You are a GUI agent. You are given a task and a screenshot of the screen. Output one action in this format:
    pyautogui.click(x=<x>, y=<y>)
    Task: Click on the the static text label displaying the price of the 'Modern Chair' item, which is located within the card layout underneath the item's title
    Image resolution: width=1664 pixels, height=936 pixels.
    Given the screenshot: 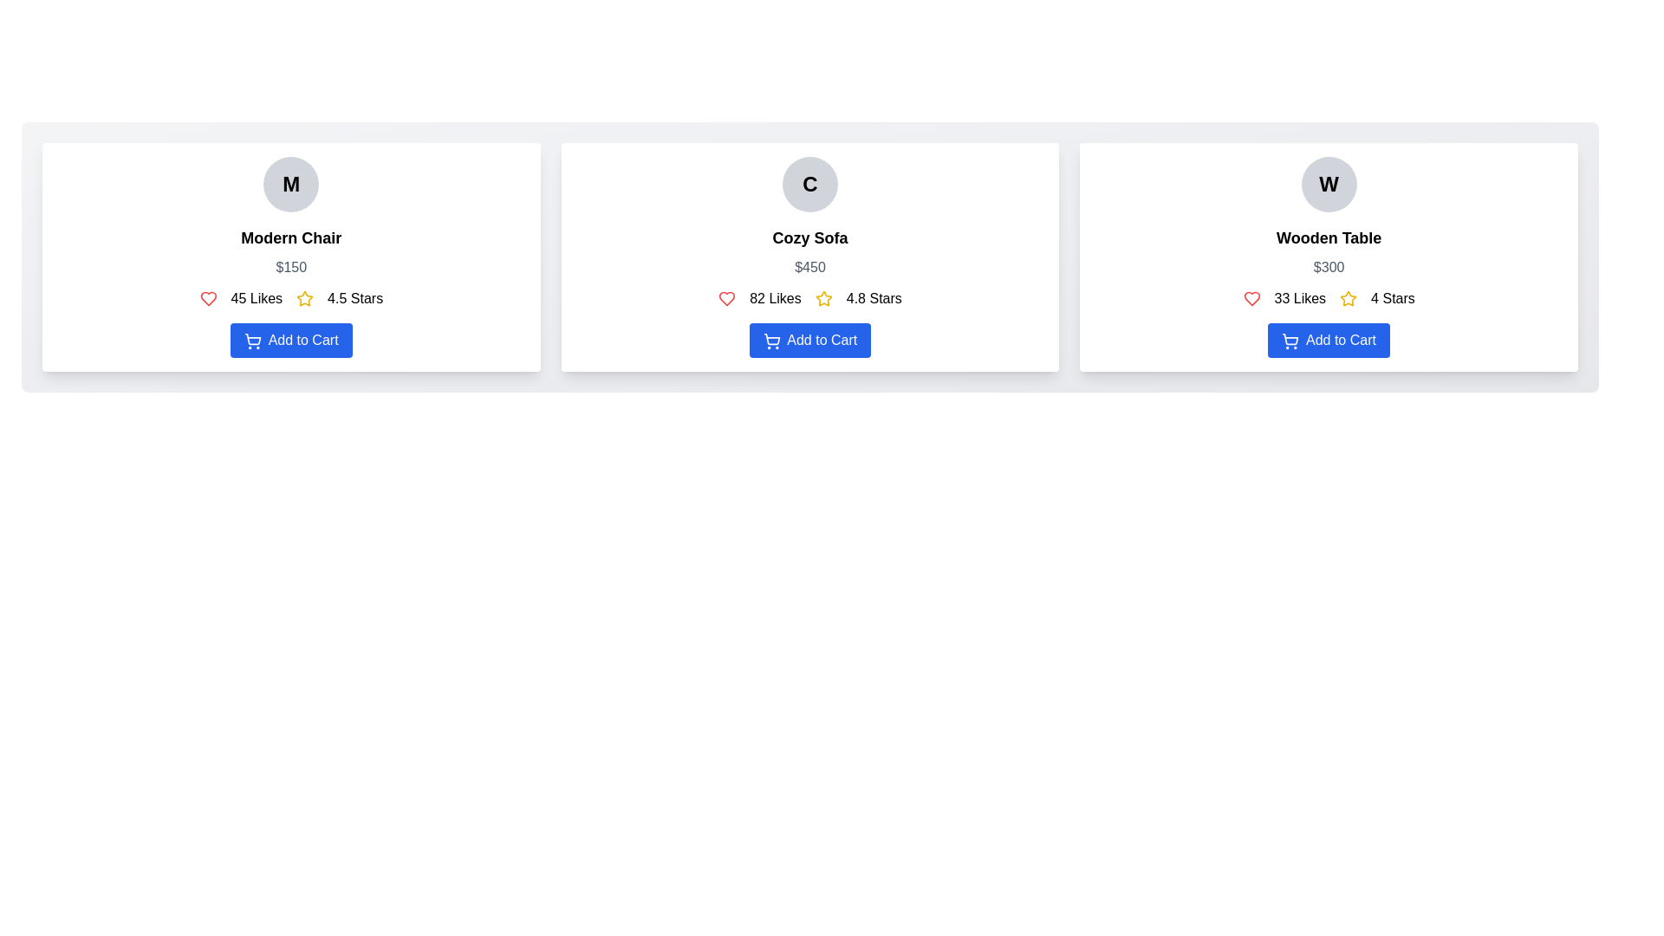 What is the action you would take?
    pyautogui.click(x=291, y=267)
    